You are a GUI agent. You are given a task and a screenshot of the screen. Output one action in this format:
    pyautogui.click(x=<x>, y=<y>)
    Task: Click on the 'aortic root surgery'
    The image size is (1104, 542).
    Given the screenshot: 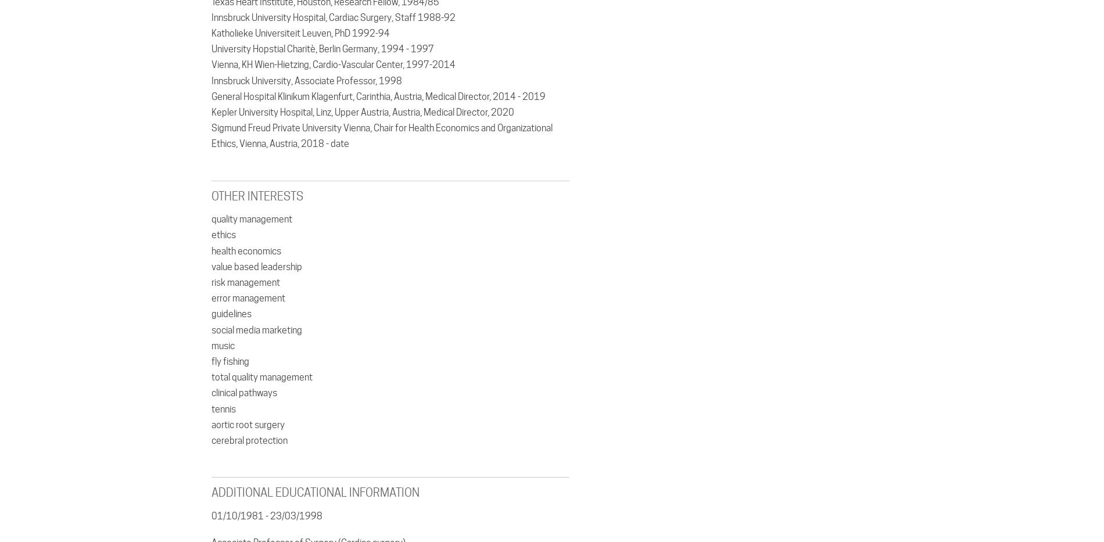 What is the action you would take?
    pyautogui.click(x=247, y=423)
    